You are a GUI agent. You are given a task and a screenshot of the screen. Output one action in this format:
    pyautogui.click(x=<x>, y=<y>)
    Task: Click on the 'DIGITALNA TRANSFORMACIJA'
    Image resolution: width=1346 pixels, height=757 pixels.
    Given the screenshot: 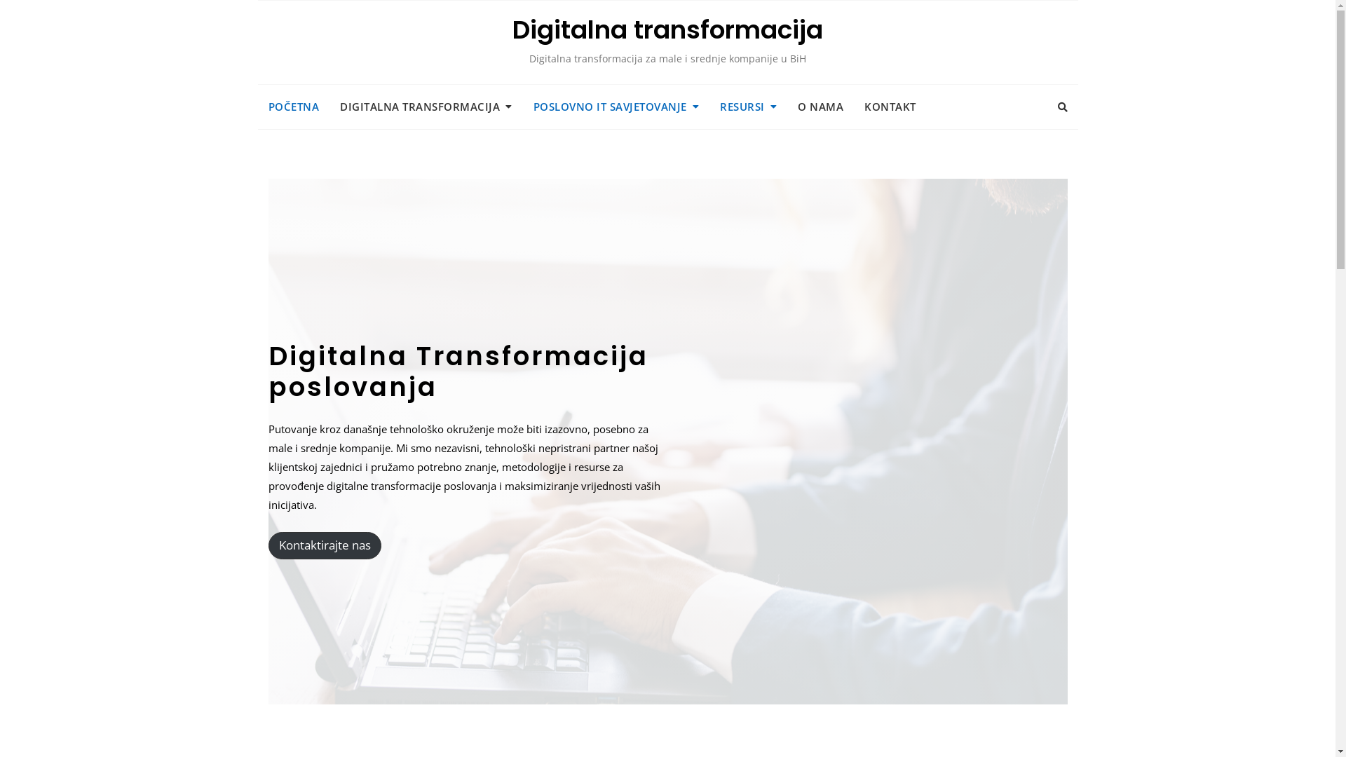 What is the action you would take?
    pyautogui.click(x=426, y=106)
    